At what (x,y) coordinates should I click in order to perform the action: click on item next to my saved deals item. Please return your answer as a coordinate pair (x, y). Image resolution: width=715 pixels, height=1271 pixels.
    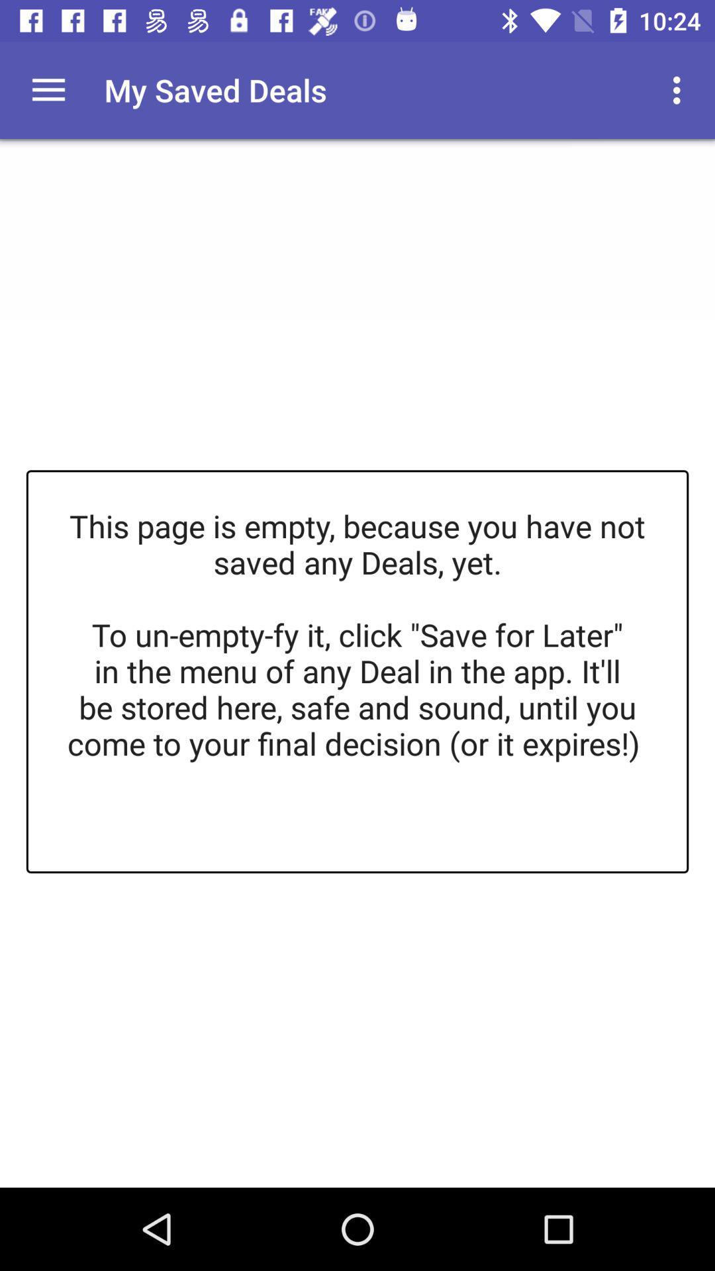
    Looking at the image, I should click on (680, 89).